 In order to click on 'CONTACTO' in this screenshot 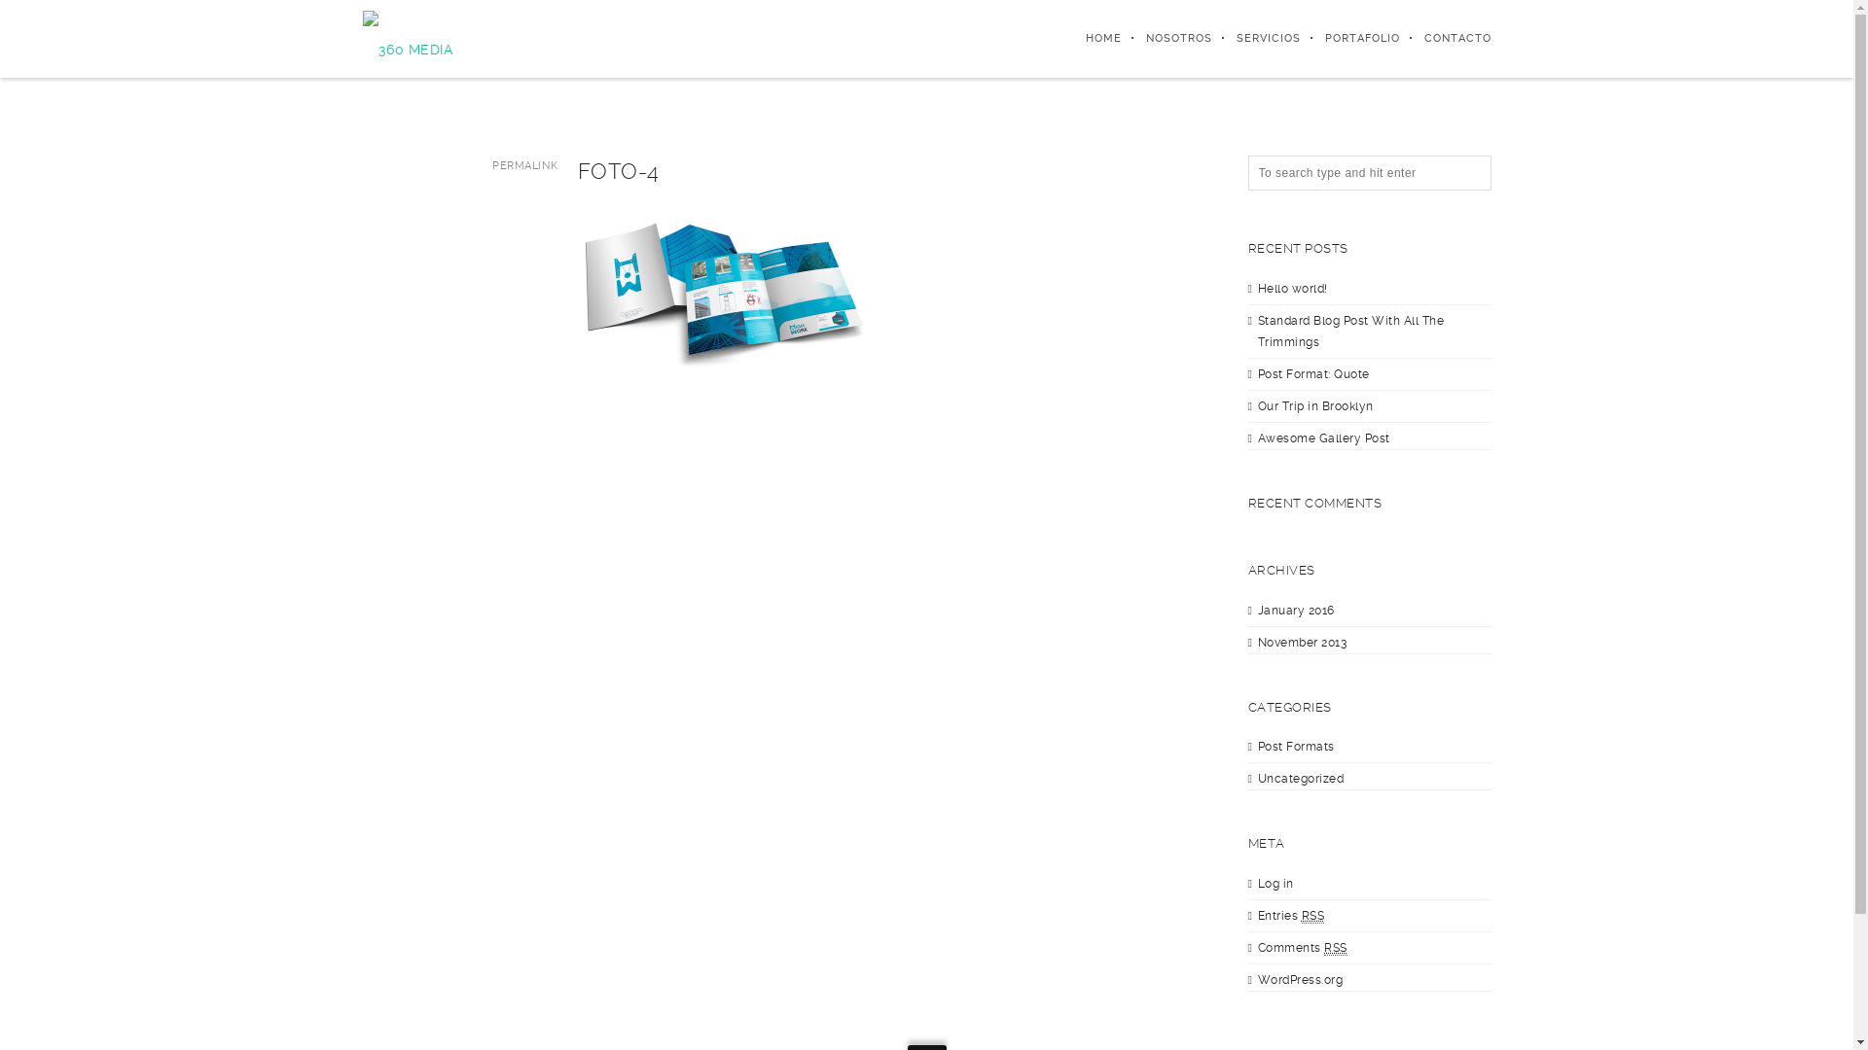, I will do `click(1398, 38)`.